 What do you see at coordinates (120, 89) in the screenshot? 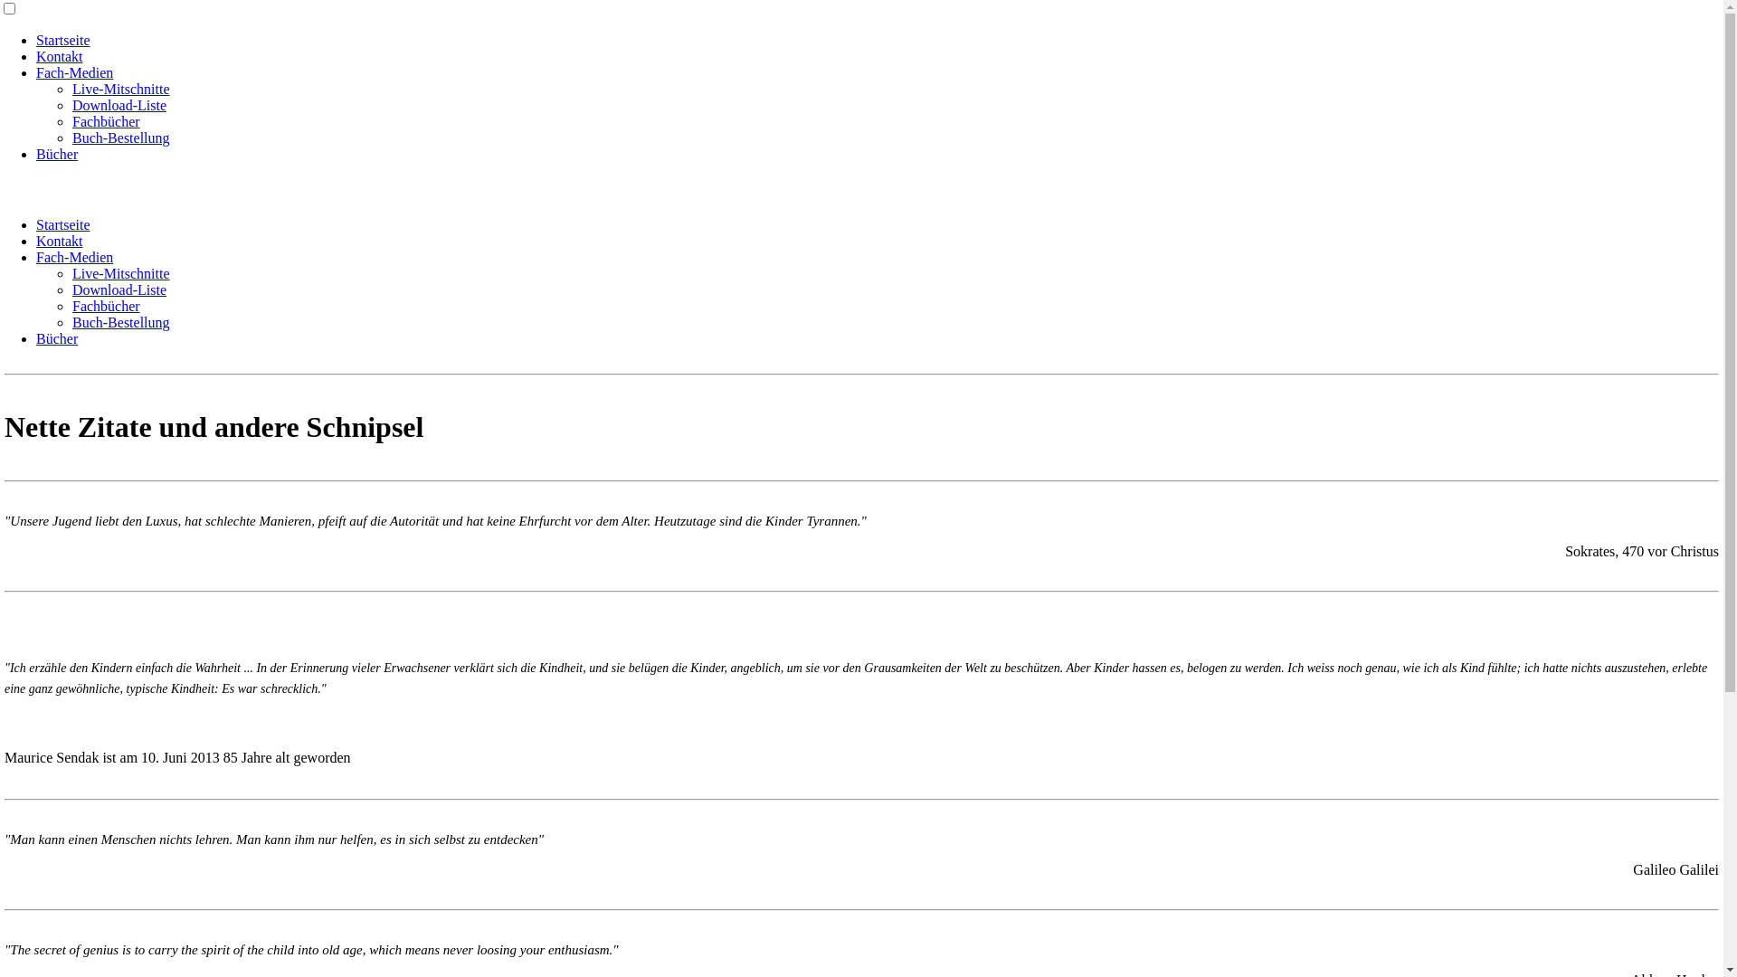
I see `'Live-Mitschnitte'` at bounding box center [120, 89].